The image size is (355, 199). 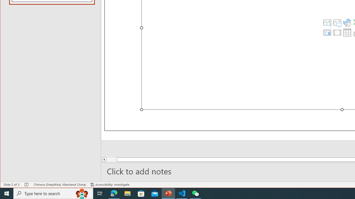 What do you see at coordinates (100, 193) in the screenshot?
I see `'Task View'` at bounding box center [100, 193].